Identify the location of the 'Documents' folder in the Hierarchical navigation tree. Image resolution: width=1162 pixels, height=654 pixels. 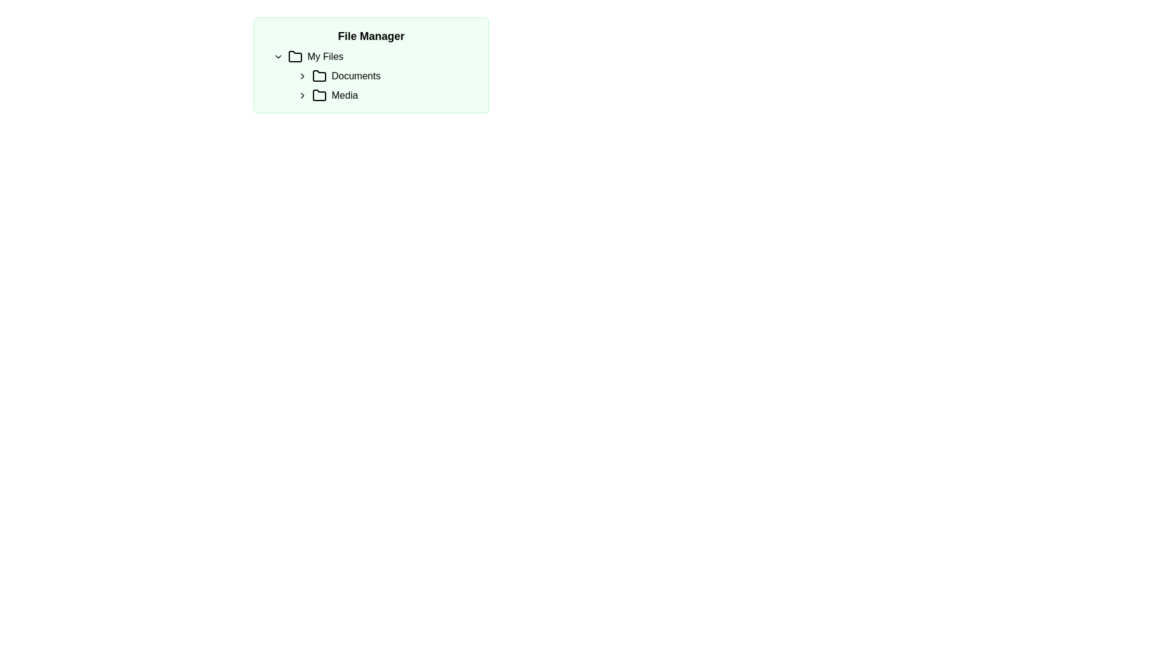
(370, 76).